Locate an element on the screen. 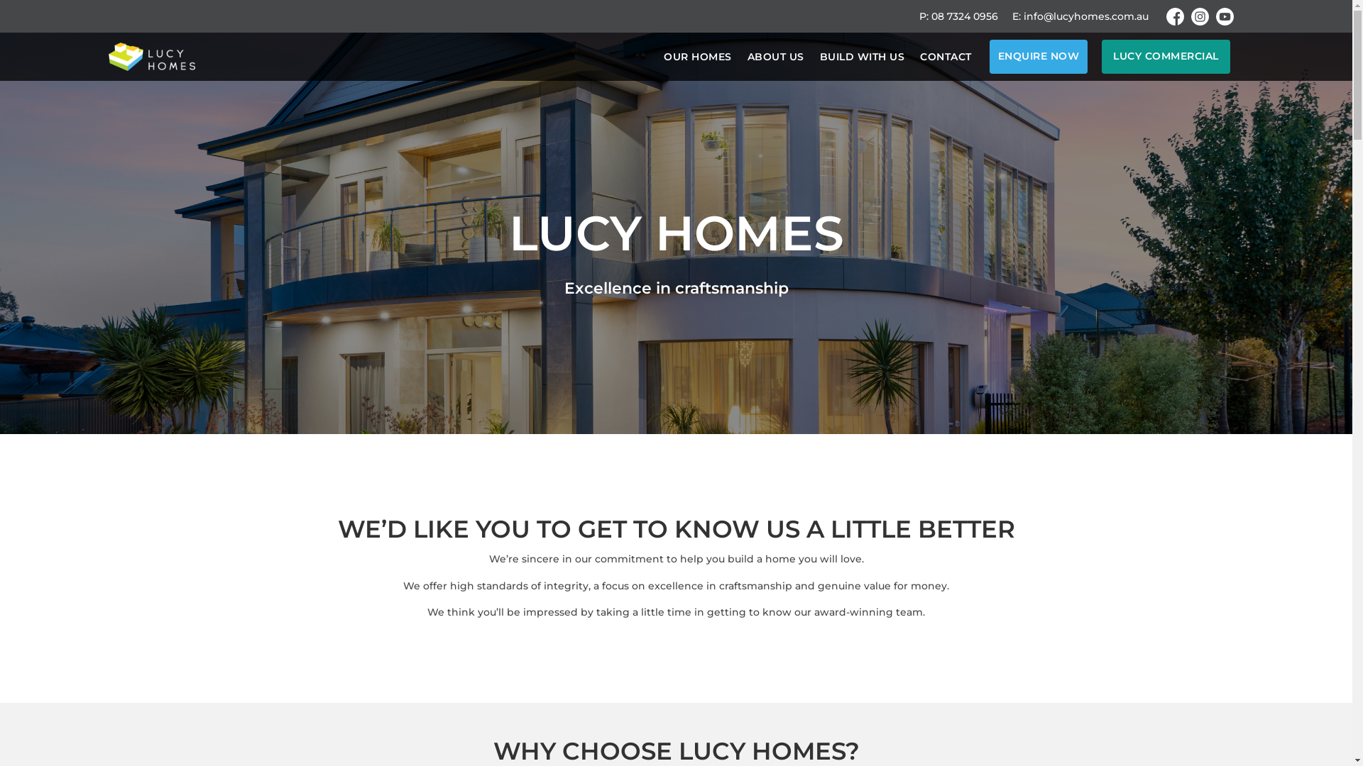 This screenshot has height=766, width=1363. 'LUCY COMMERCIAL' is located at coordinates (1166, 56).